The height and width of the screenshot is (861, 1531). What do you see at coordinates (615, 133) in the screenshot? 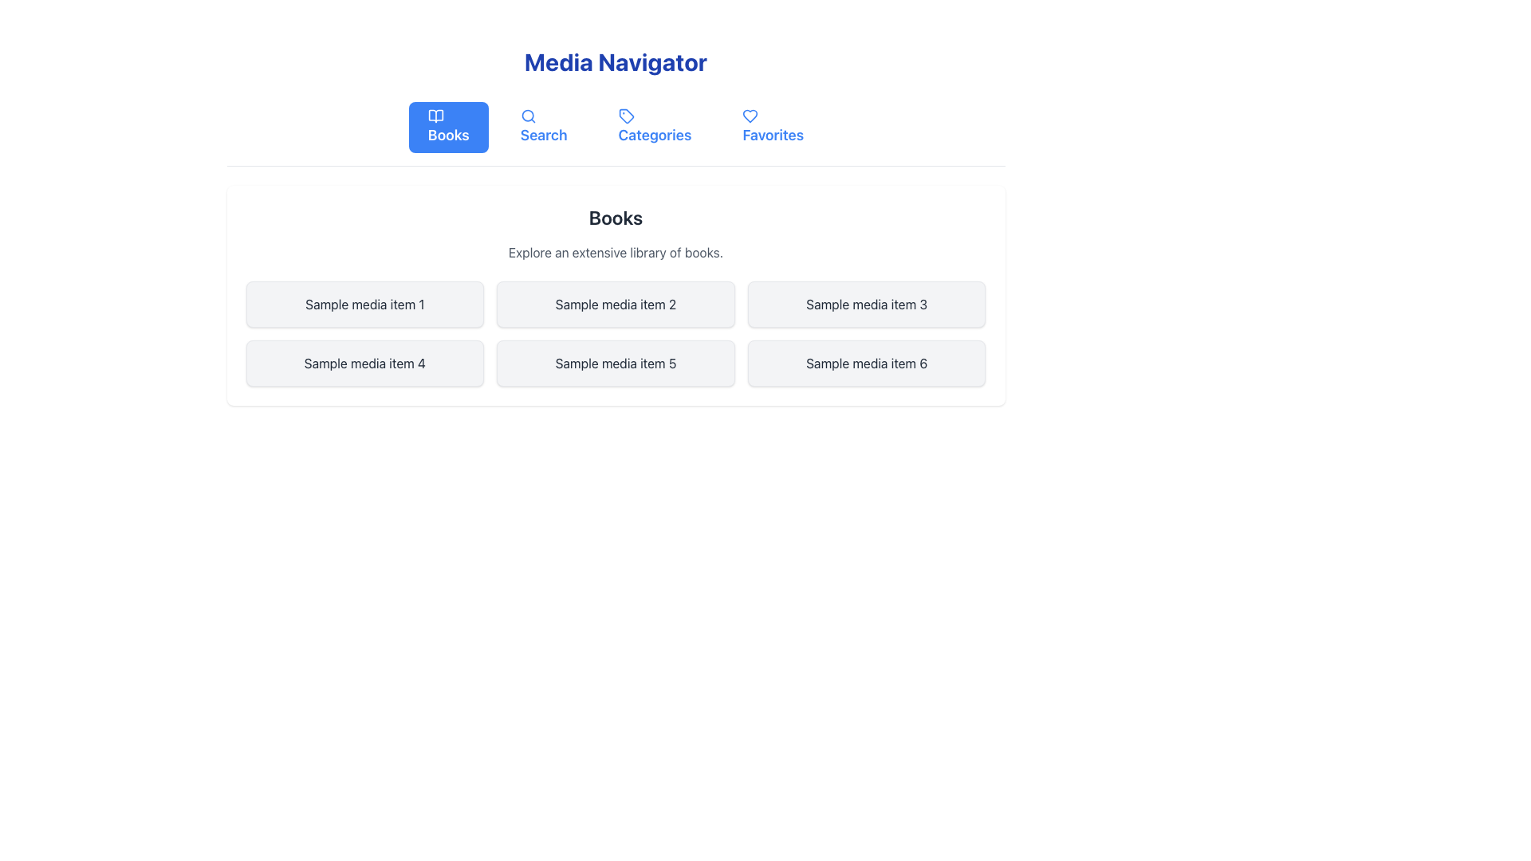
I see `the 'Categories' button in the navigation bar located just beneath the 'Media Navigator' heading` at bounding box center [615, 133].